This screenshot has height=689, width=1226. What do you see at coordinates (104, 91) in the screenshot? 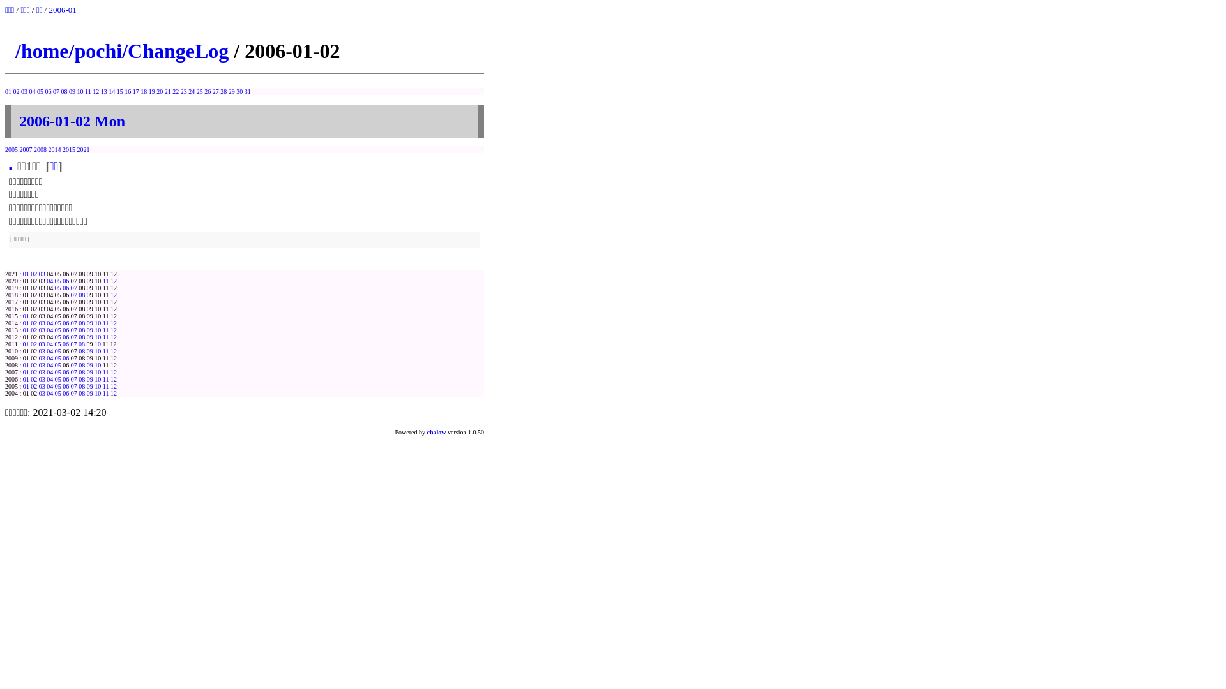
I see `'13'` at bounding box center [104, 91].